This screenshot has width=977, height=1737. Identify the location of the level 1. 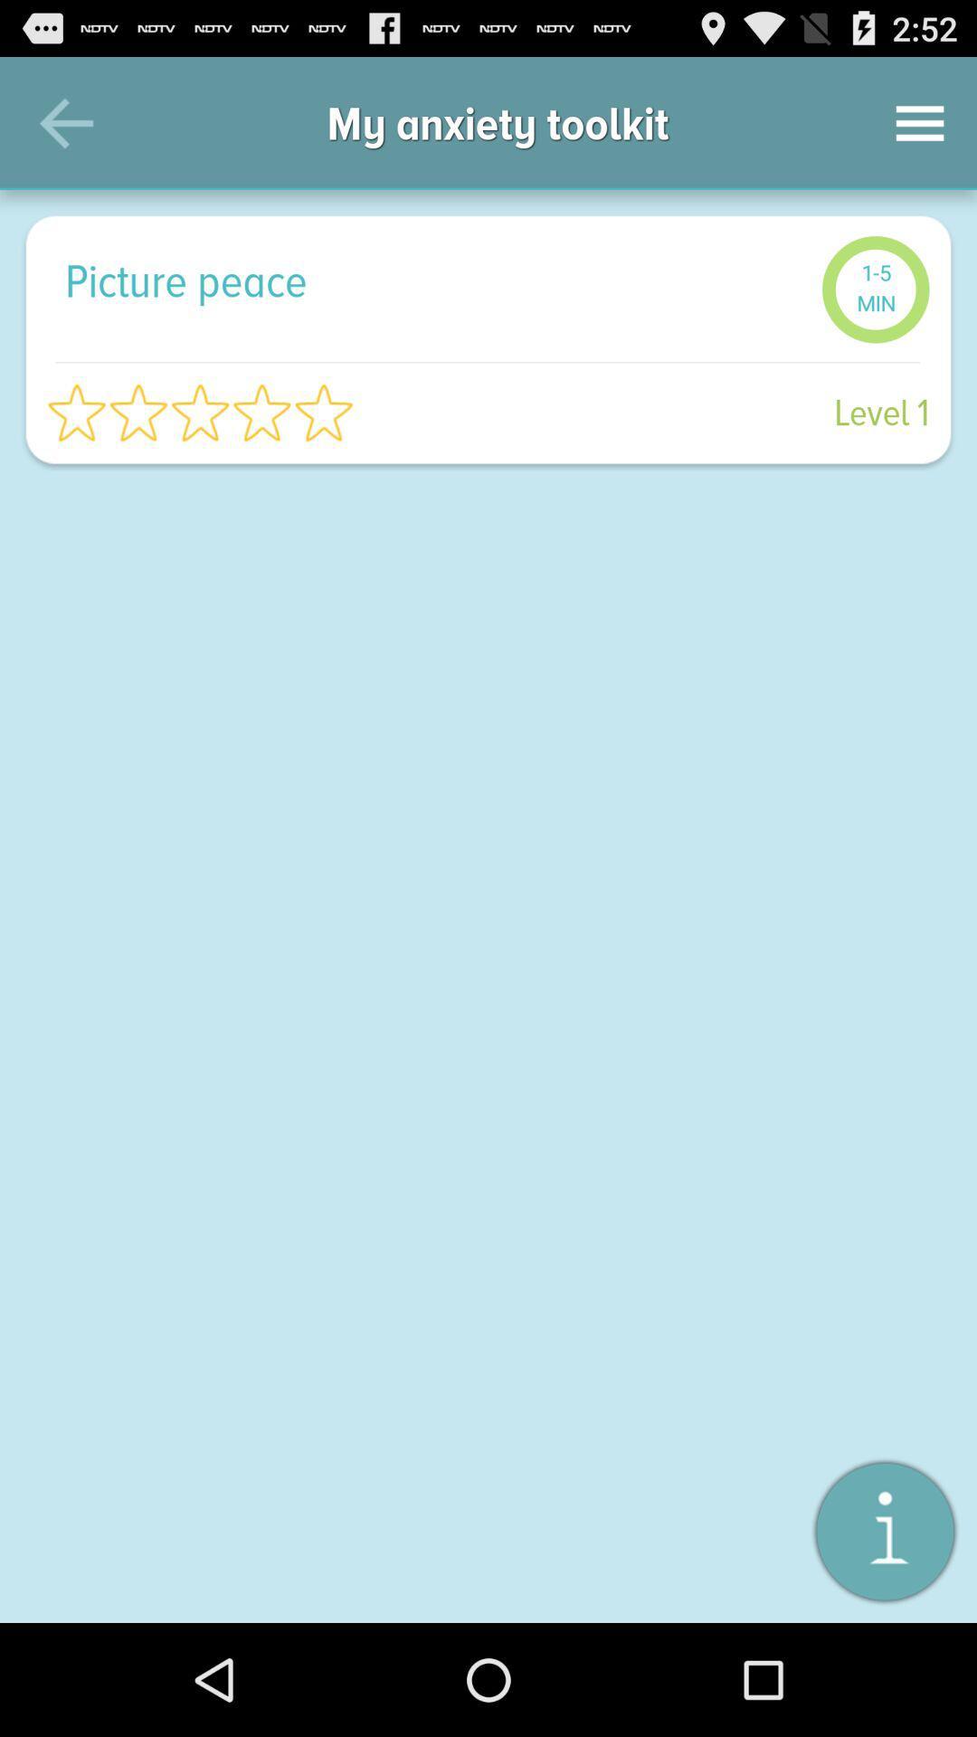
(651, 412).